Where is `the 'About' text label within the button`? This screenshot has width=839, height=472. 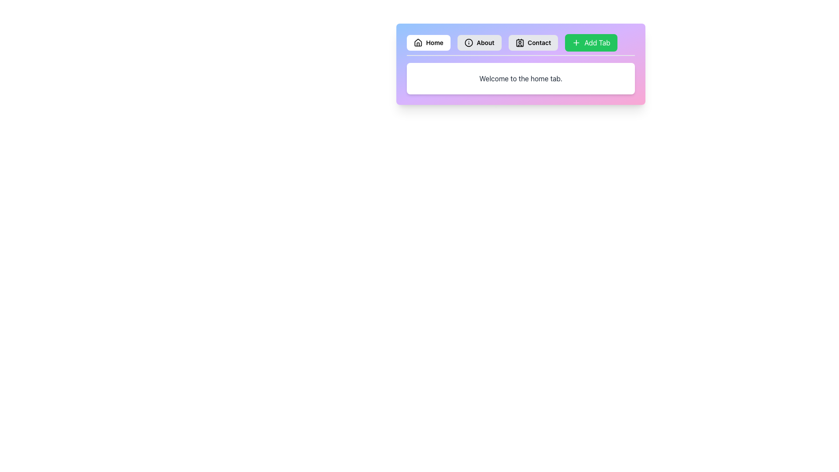 the 'About' text label within the button is located at coordinates (485, 42).